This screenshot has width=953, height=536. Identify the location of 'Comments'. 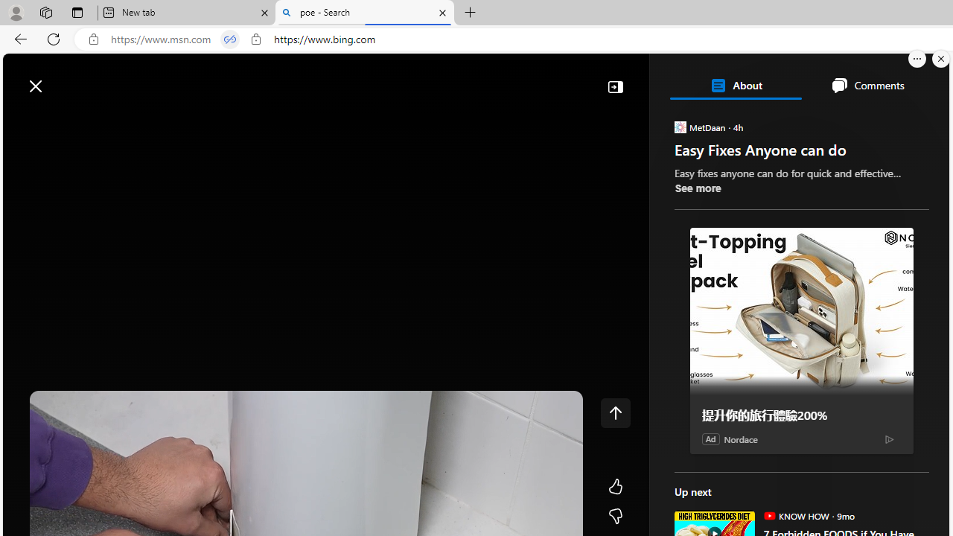
(867, 85).